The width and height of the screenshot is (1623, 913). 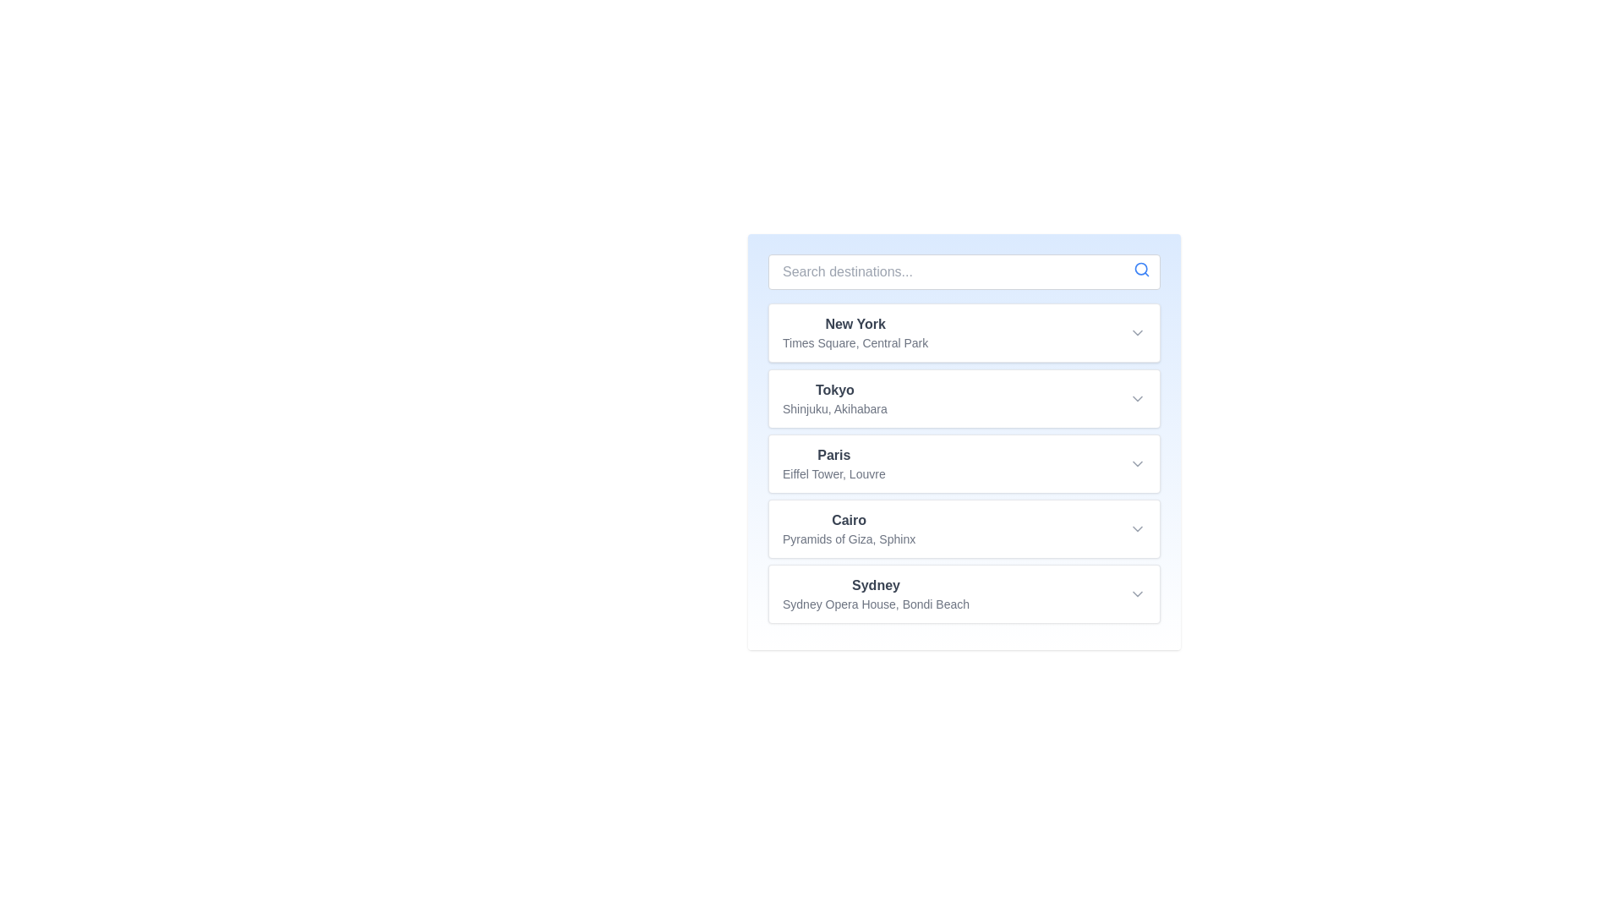 What do you see at coordinates (1137, 463) in the screenshot?
I see `the downward-pointing chevron icon styled with light gray color located on the far-right side of the dropdown section for the list item labeled 'Paris'` at bounding box center [1137, 463].